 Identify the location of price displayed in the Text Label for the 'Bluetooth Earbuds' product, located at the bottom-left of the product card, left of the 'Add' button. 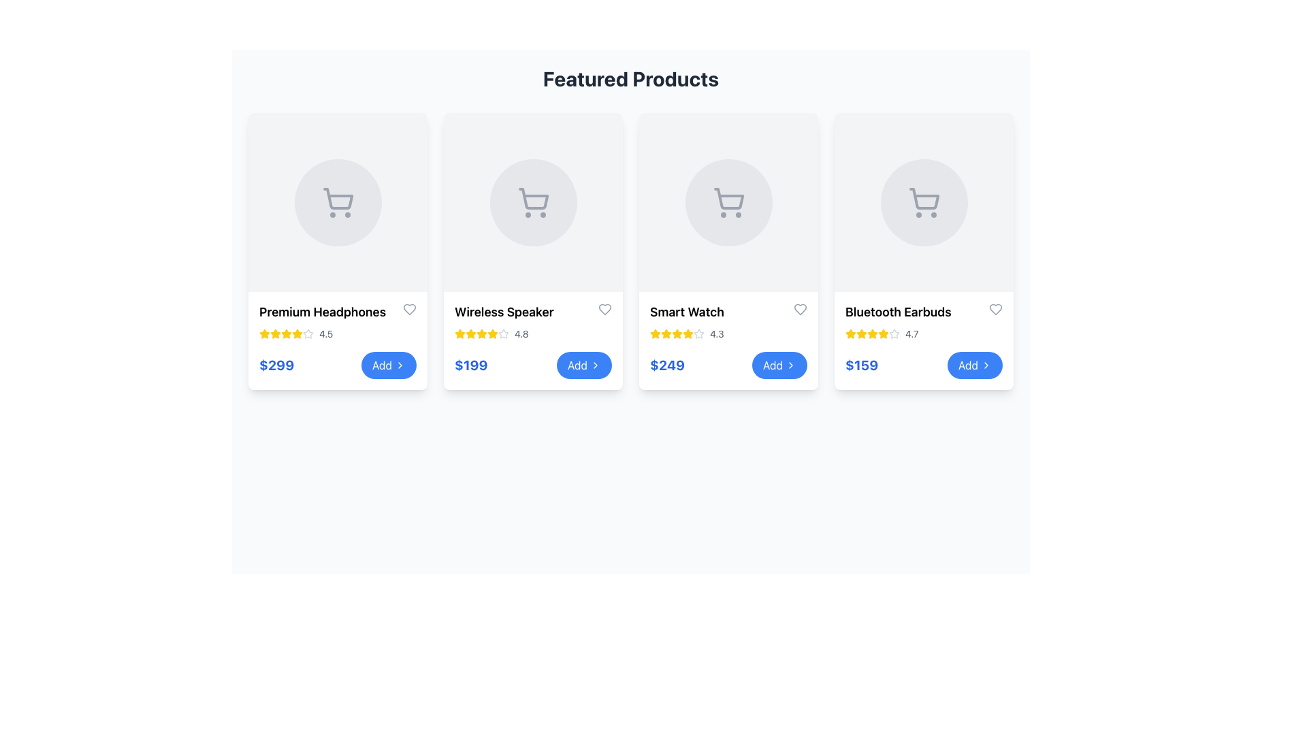
(861, 364).